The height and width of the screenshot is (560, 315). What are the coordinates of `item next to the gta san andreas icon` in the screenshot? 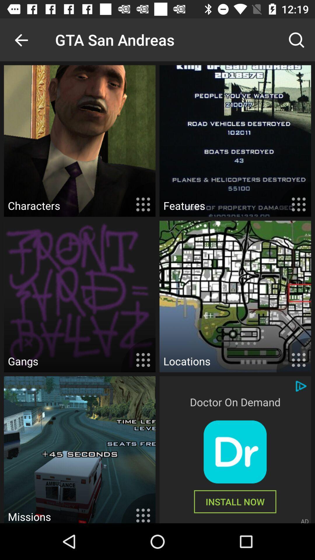 It's located at (21, 39).